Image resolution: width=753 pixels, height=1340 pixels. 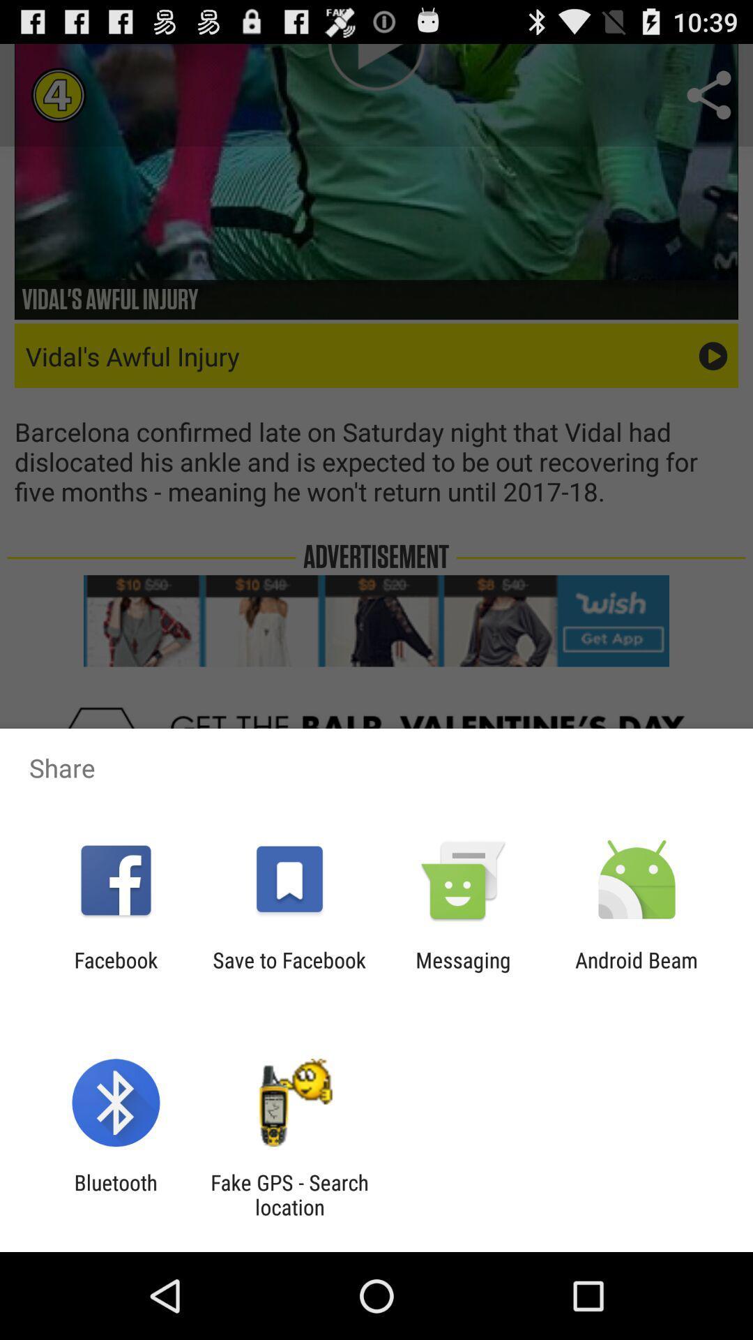 What do you see at coordinates (289, 971) in the screenshot?
I see `icon next to facebook item` at bounding box center [289, 971].